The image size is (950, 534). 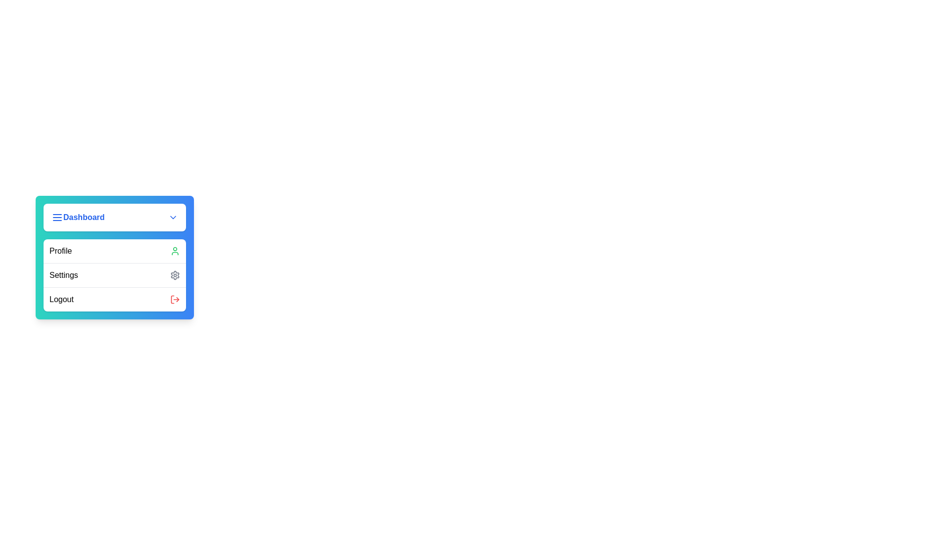 What do you see at coordinates (114, 299) in the screenshot?
I see `the 'Logout' menu option` at bounding box center [114, 299].